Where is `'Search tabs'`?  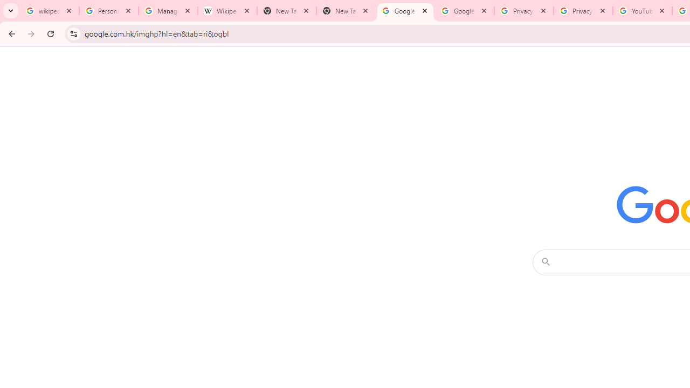
'Search tabs' is located at coordinates (11, 11).